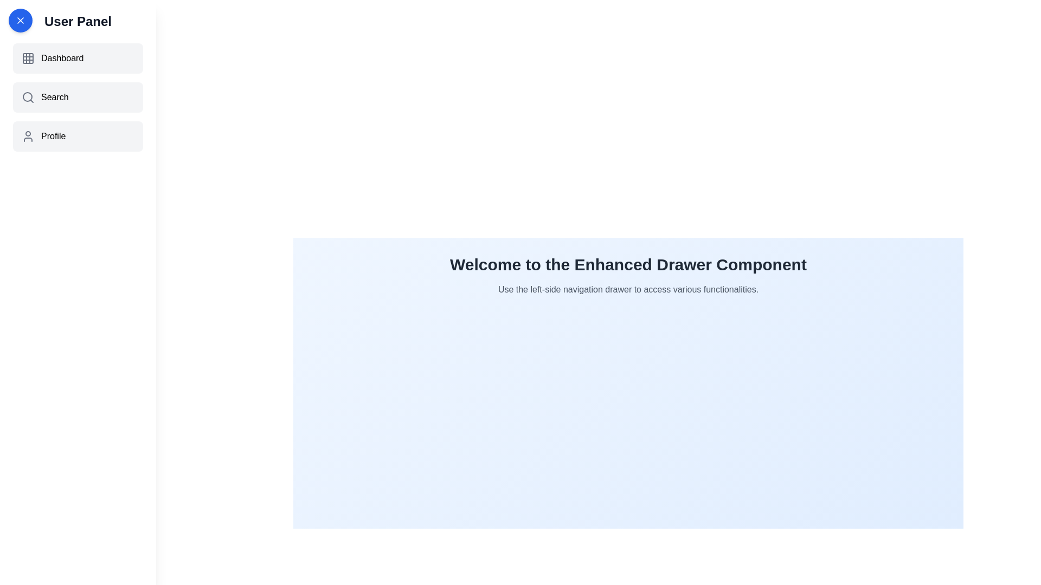 The image size is (1041, 585). Describe the element at coordinates (62, 58) in the screenshot. I see `the 'Dashboard' text label in the navigation menu on the left pane` at that location.